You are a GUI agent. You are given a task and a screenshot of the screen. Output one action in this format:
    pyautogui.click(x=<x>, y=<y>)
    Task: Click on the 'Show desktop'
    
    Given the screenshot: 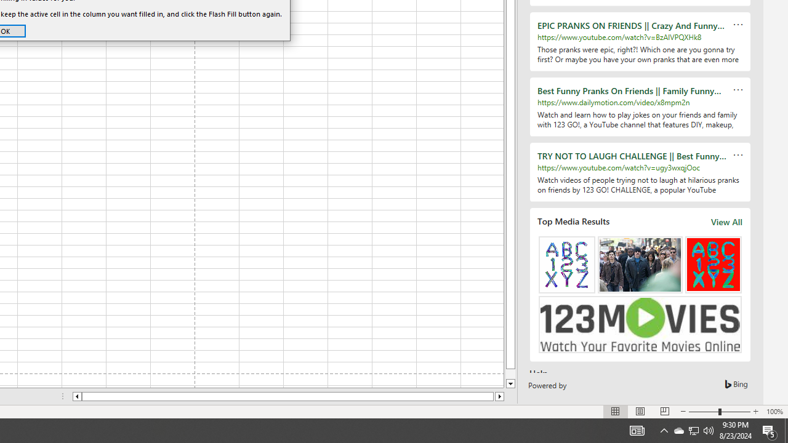 What is the action you would take?
    pyautogui.click(x=786, y=429)
    